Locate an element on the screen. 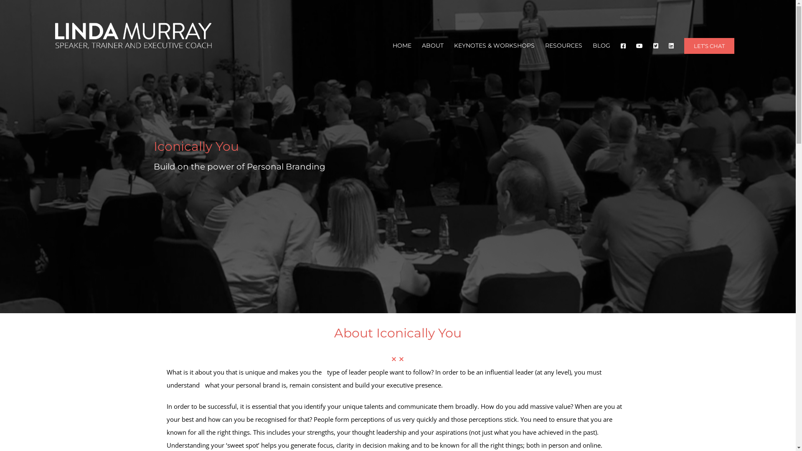 The width and height of the screenshot is (802, 451). 'KEYNOTES & WORKSHOPS' is located at coordinates (494, 46).